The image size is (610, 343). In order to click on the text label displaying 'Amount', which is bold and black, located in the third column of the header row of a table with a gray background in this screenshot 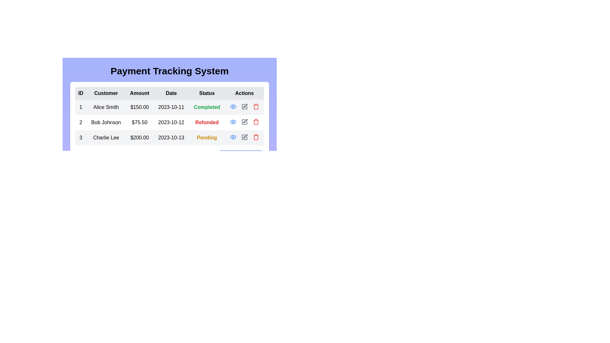, I will do `click(139, 93)`.